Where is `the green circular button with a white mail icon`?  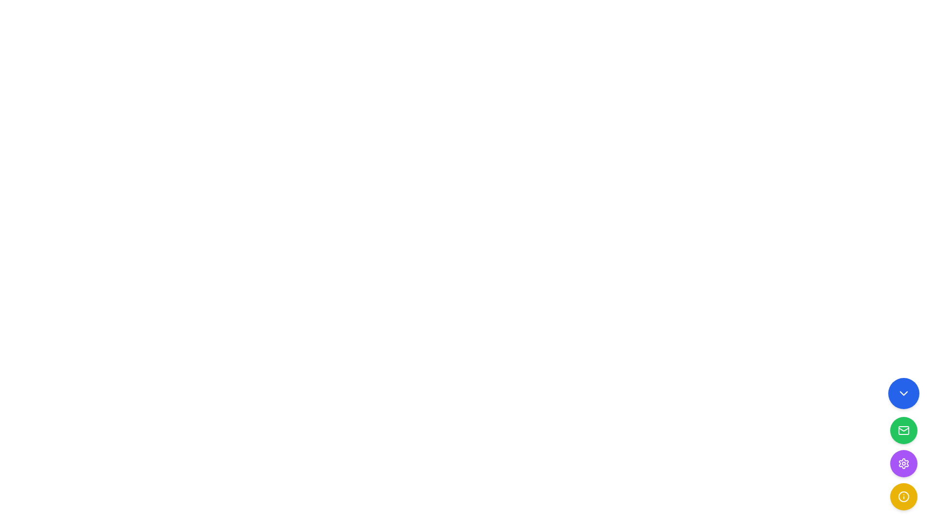
the green circular button with a white mail icon is located at coordinates (903, 430).